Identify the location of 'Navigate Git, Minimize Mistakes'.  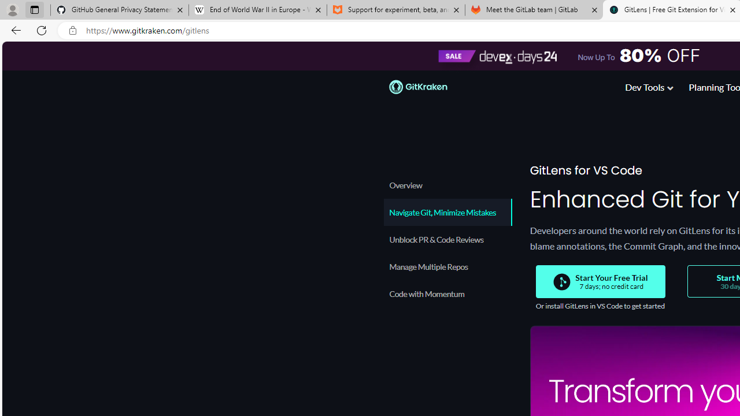
(446, 212).